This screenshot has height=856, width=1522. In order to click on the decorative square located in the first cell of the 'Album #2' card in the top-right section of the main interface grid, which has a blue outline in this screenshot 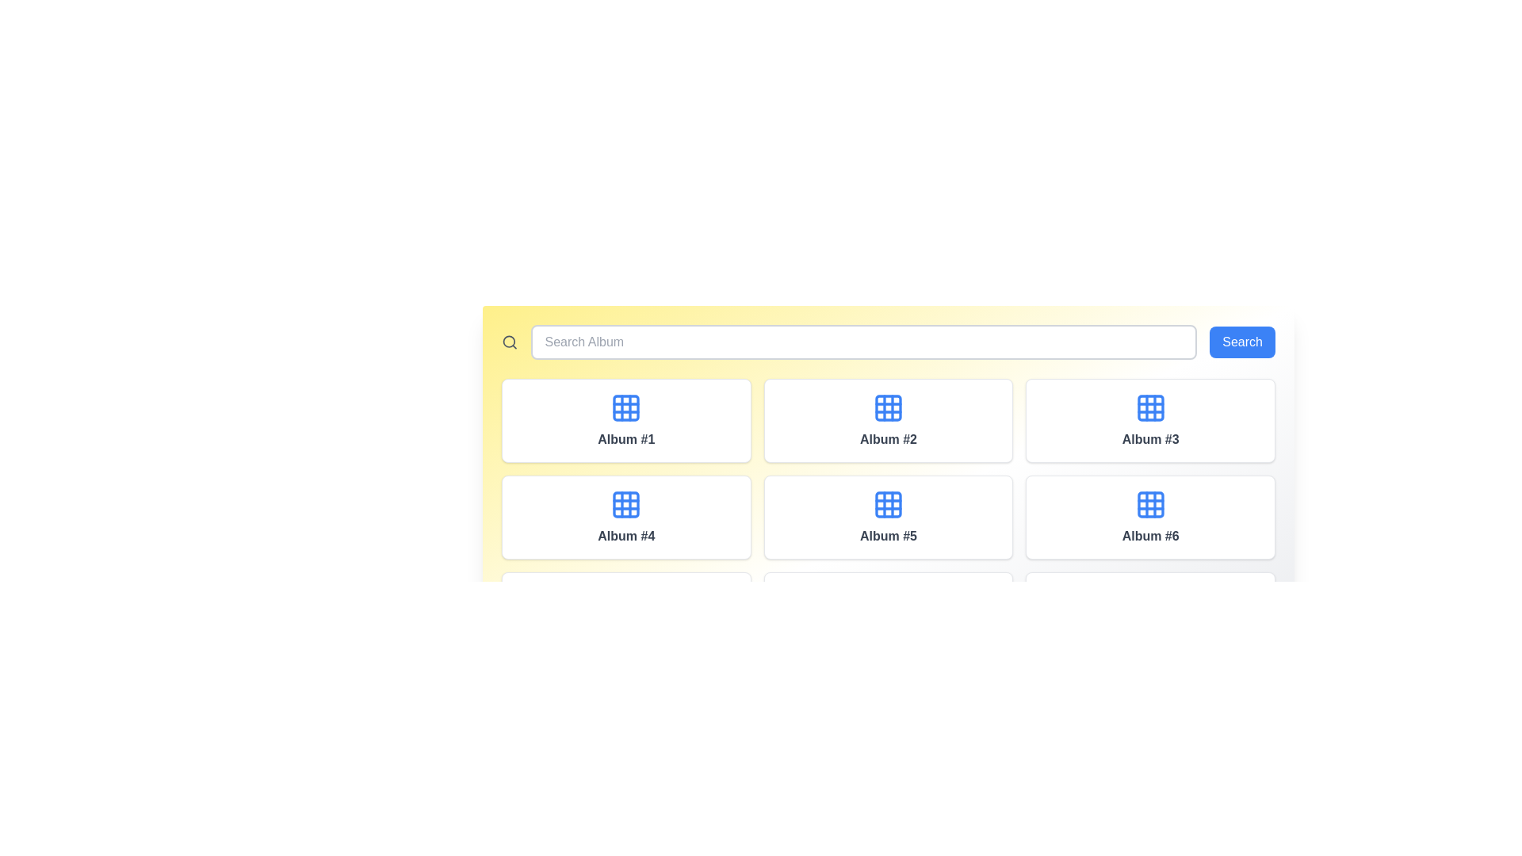, I will do `click(888, 407)`.